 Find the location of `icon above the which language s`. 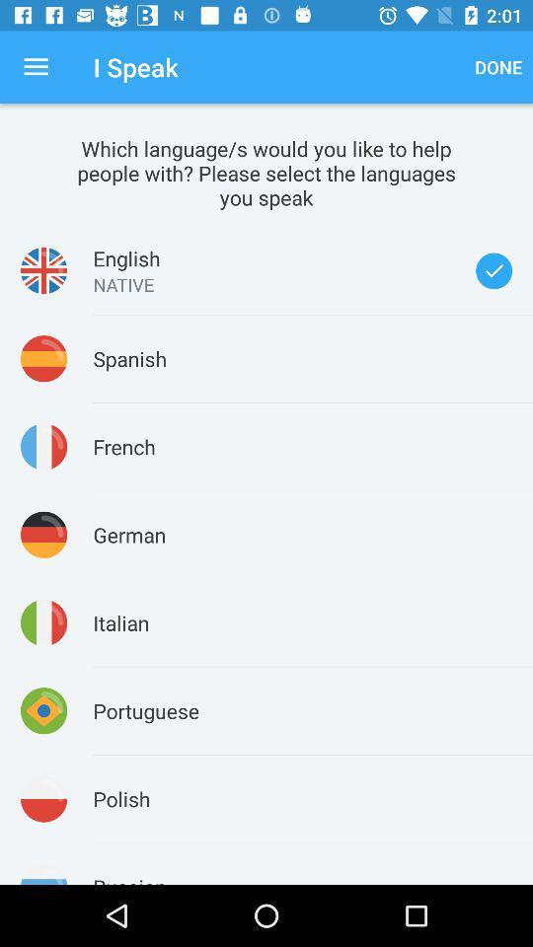

icon above the which language s is located at coordinates (497, 67).